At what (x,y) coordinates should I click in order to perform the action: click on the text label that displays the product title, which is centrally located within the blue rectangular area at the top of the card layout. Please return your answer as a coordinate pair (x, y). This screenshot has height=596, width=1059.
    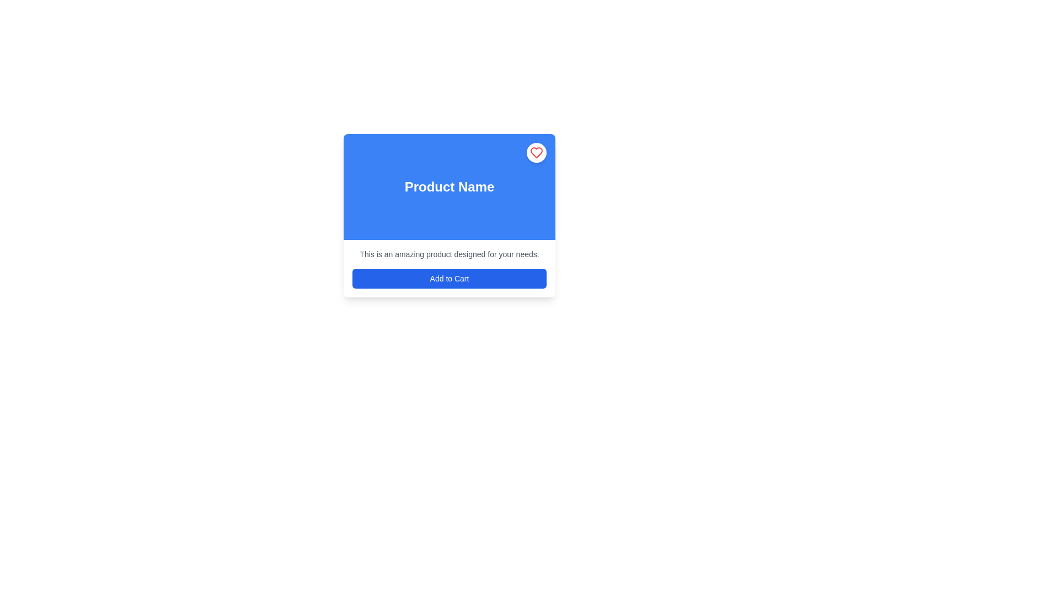
    Looking at the image, I should click on (450, 187).